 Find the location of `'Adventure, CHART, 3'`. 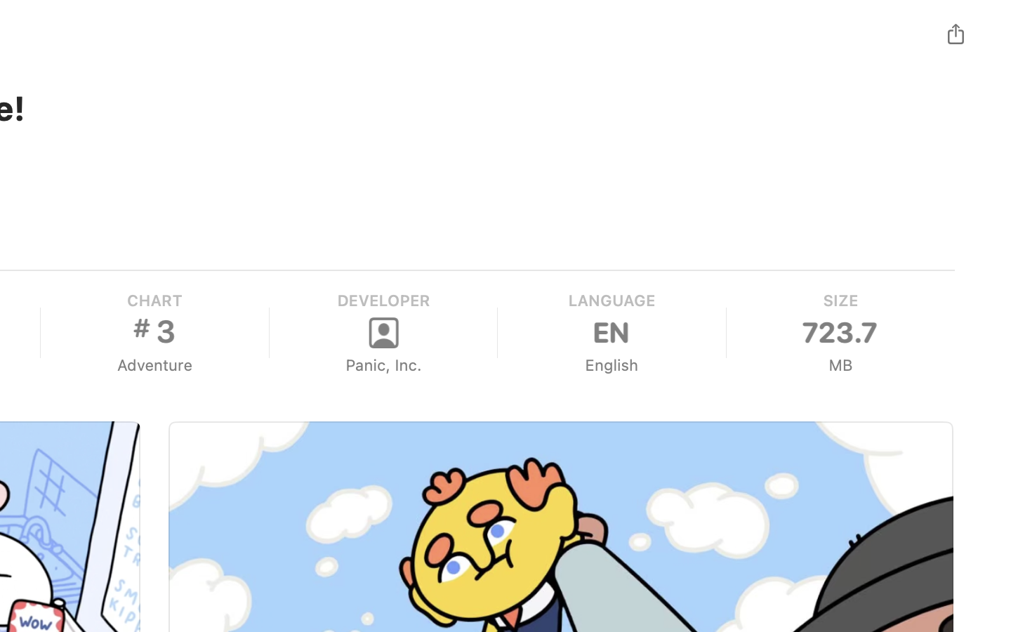

'Adventure, CHART, 3' is located at coordinates (154, 332).